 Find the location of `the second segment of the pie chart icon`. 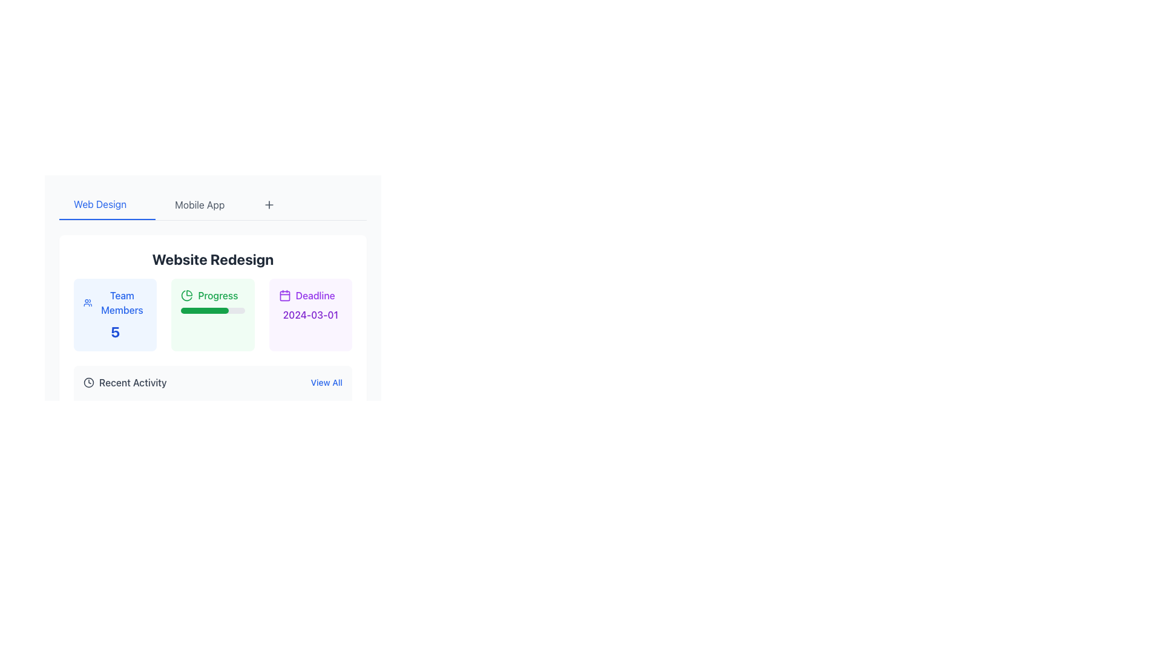

the second segment of the pie chart icon is located at coordinates (186, 296).